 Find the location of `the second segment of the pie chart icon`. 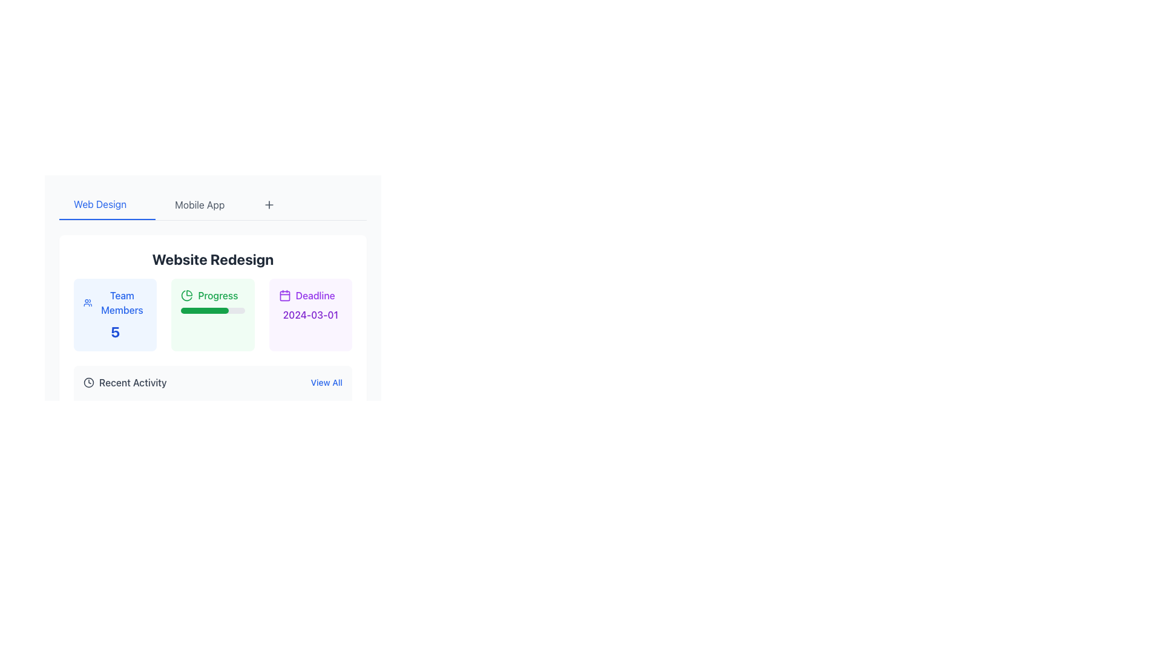

the second segment of the pie chart icon is located at coordinates (186, 296).